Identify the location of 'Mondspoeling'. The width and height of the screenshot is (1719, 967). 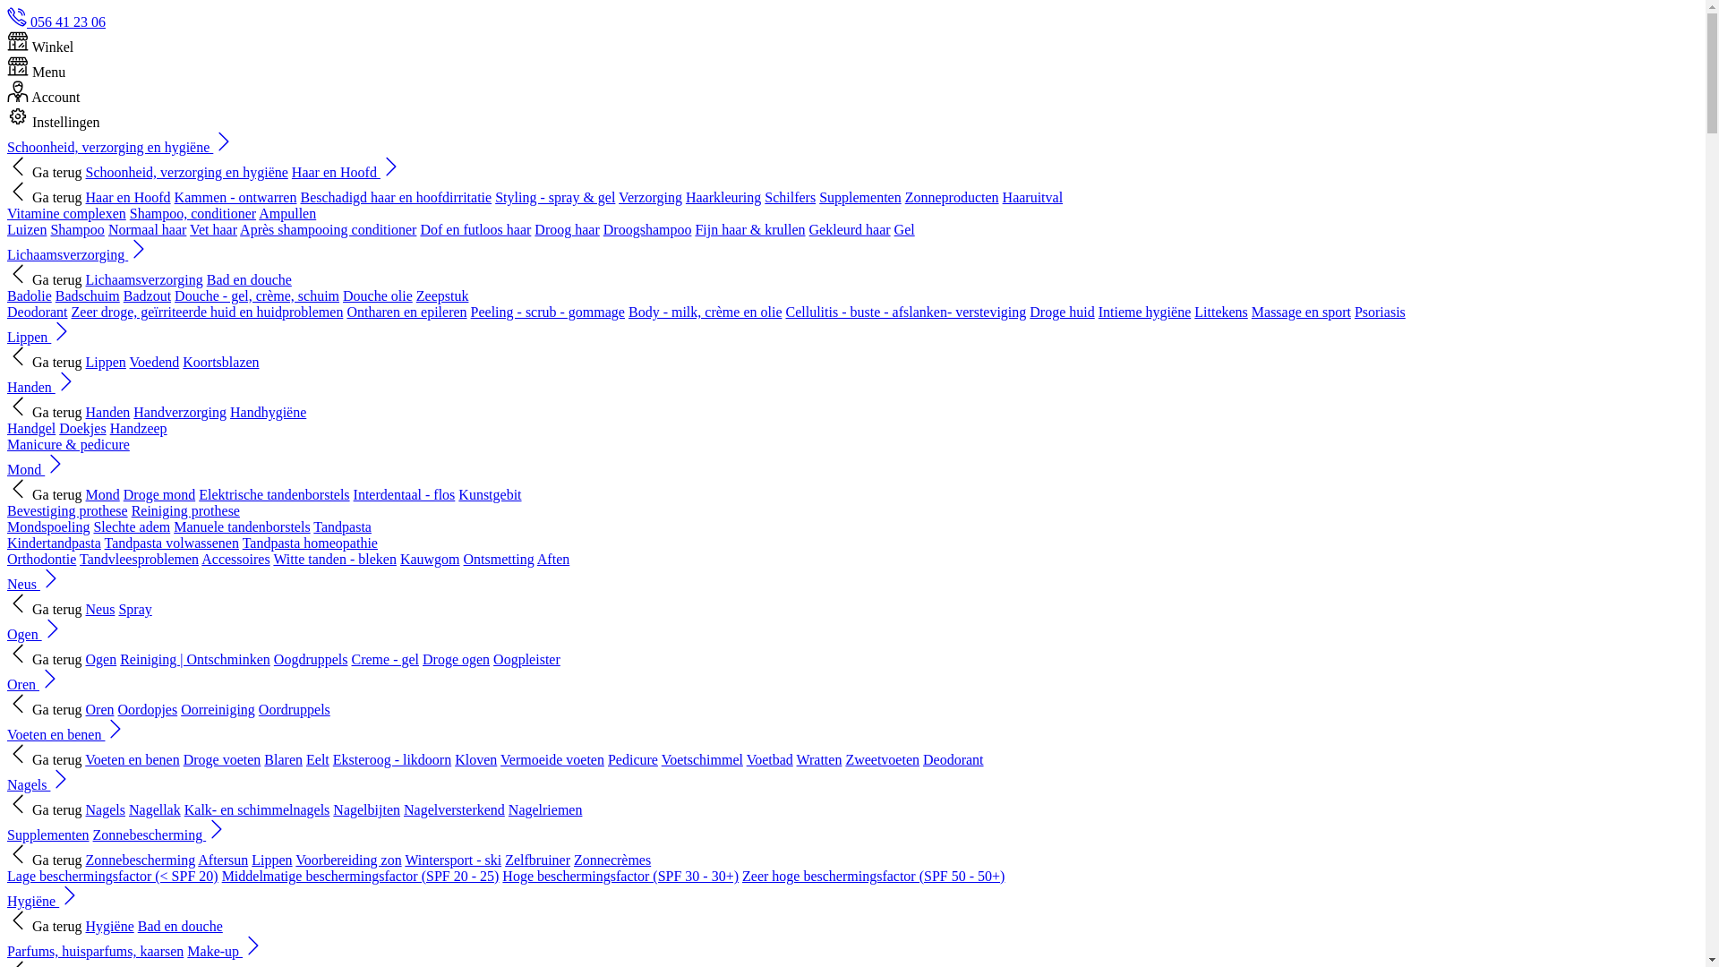
(7, 526).